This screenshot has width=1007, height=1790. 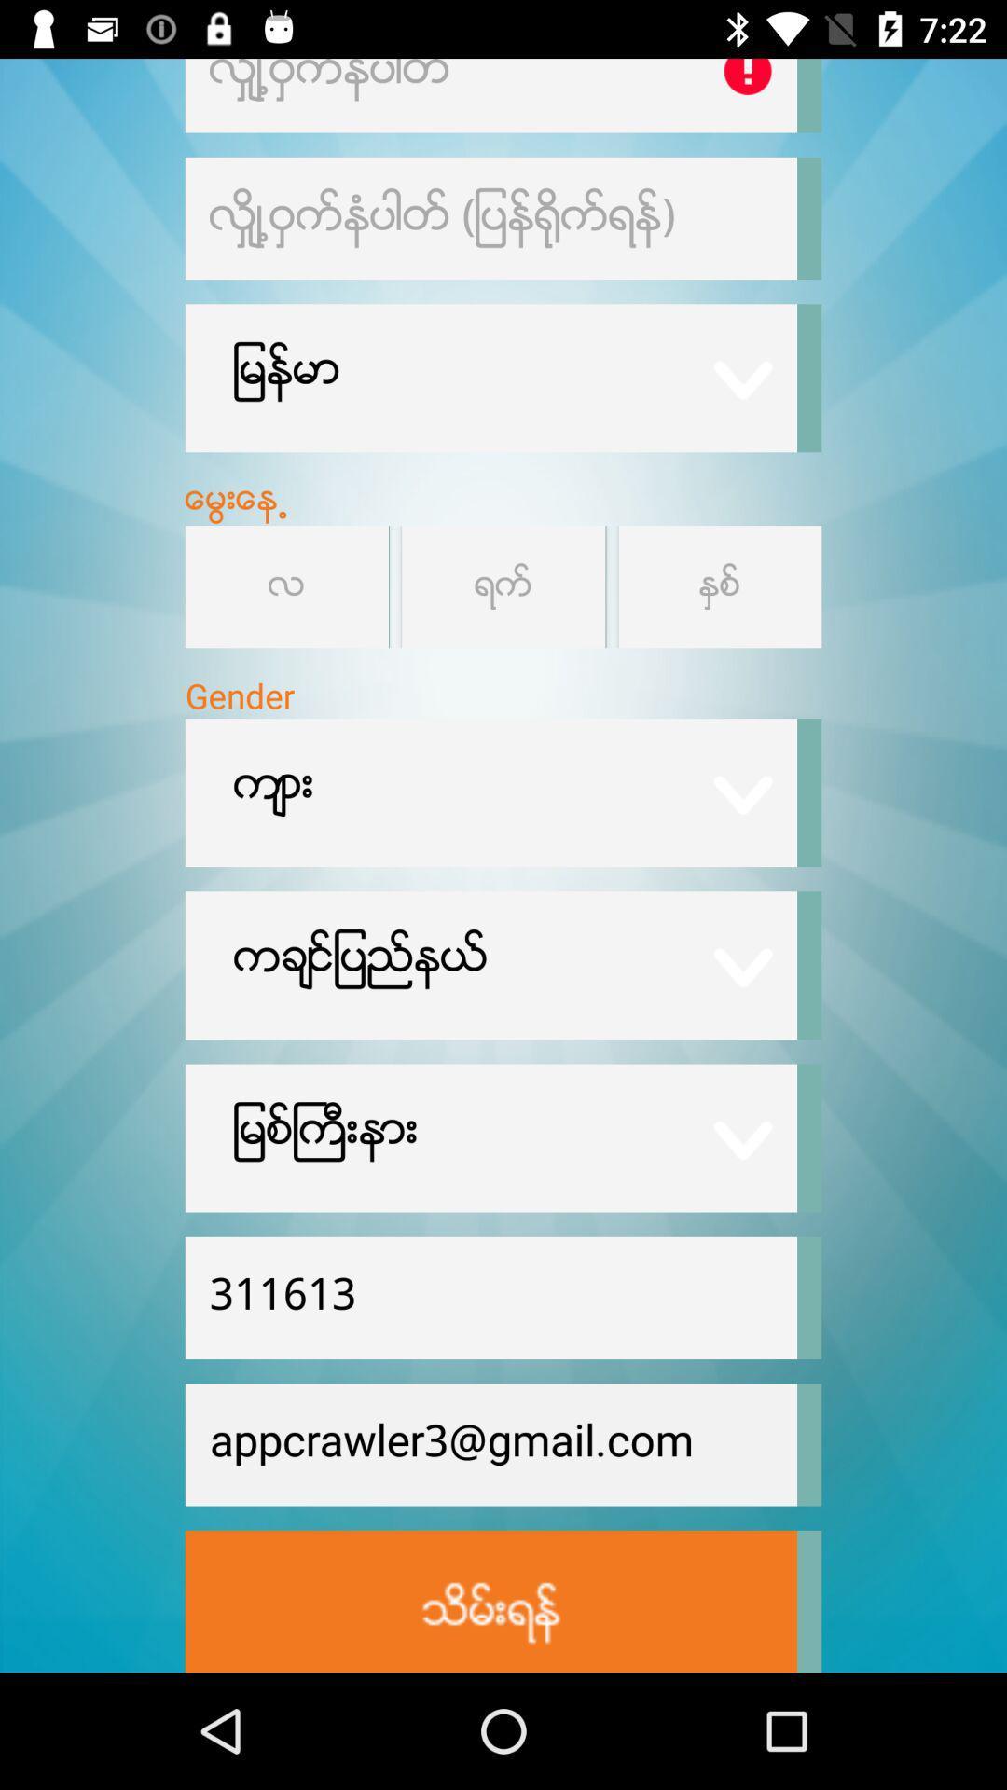 I want to click on value select button, so click(x=504, y=585).